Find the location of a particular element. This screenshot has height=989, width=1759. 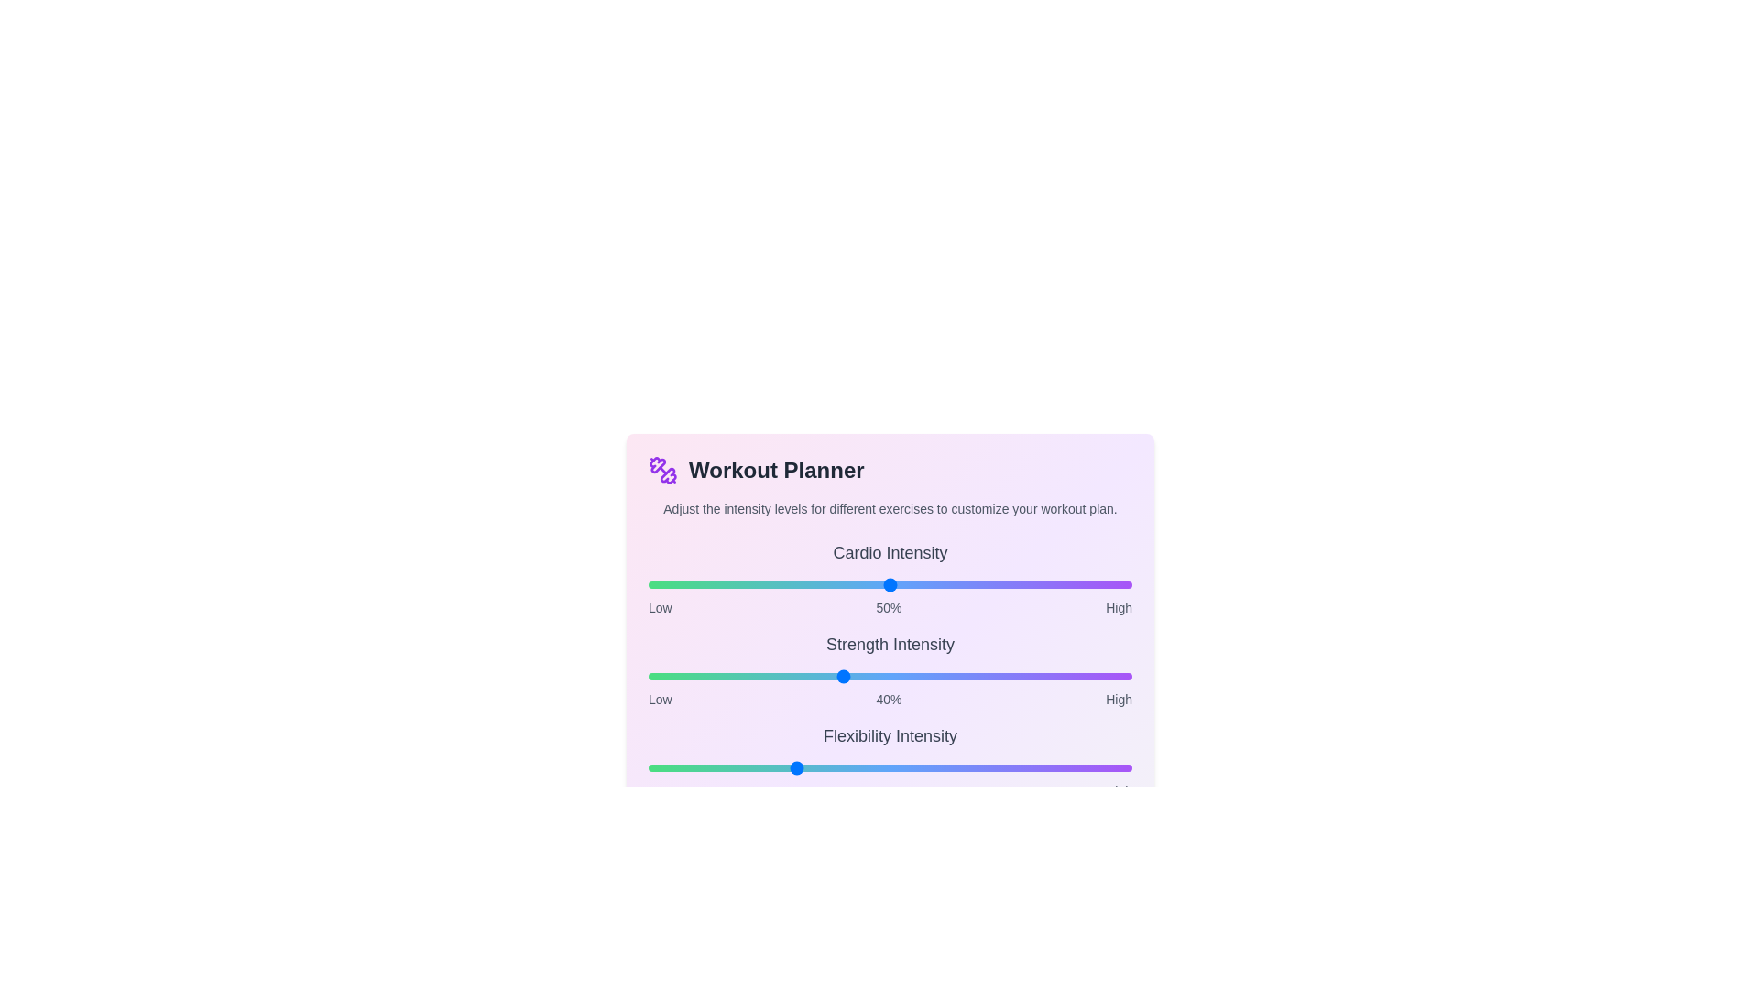

the intensity of the 2 slider to 65% is located at coordinates (962, 768).